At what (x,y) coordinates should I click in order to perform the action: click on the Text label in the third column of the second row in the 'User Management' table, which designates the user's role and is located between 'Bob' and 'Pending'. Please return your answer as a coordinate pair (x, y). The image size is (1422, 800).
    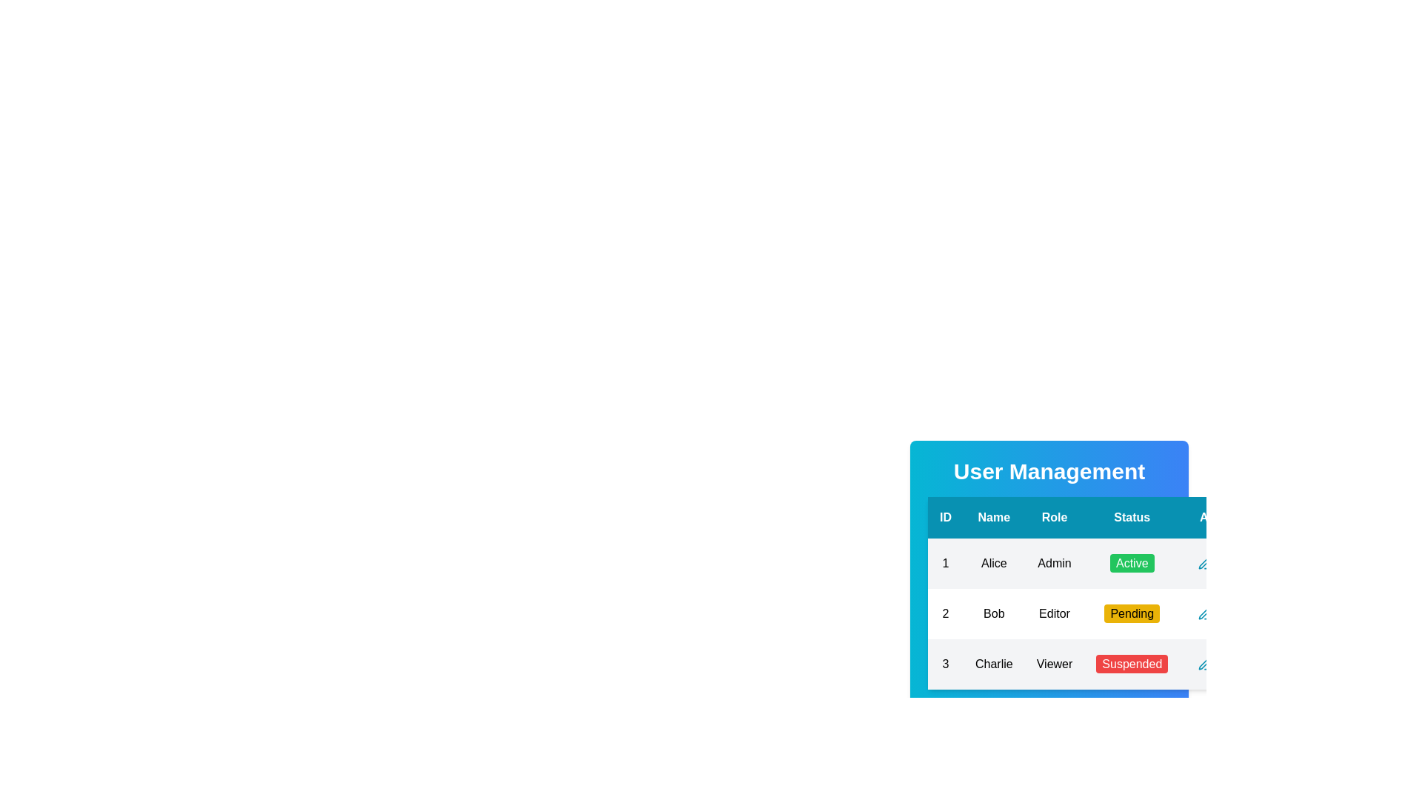
    Looking at the image, I should click on (1054, 614).